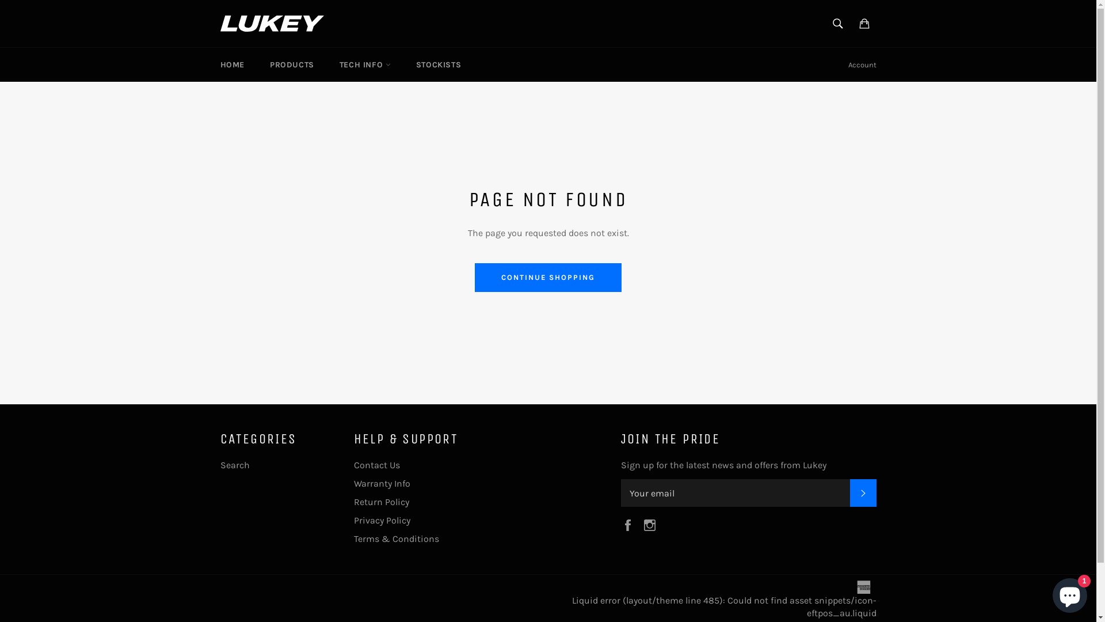  Describe the element at coordinates (629, 524) in the screenshot. I see `'Facebook'` at that location.